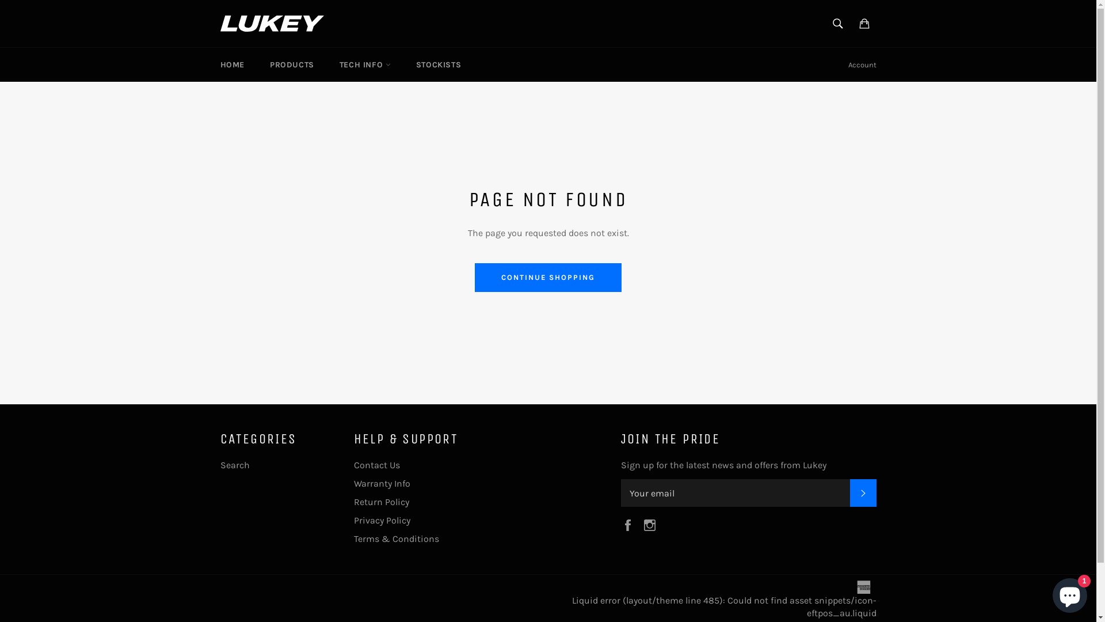  Describe the element at coordinates (629, 524) in the screenshot. I see `'Facebook'` at that location.